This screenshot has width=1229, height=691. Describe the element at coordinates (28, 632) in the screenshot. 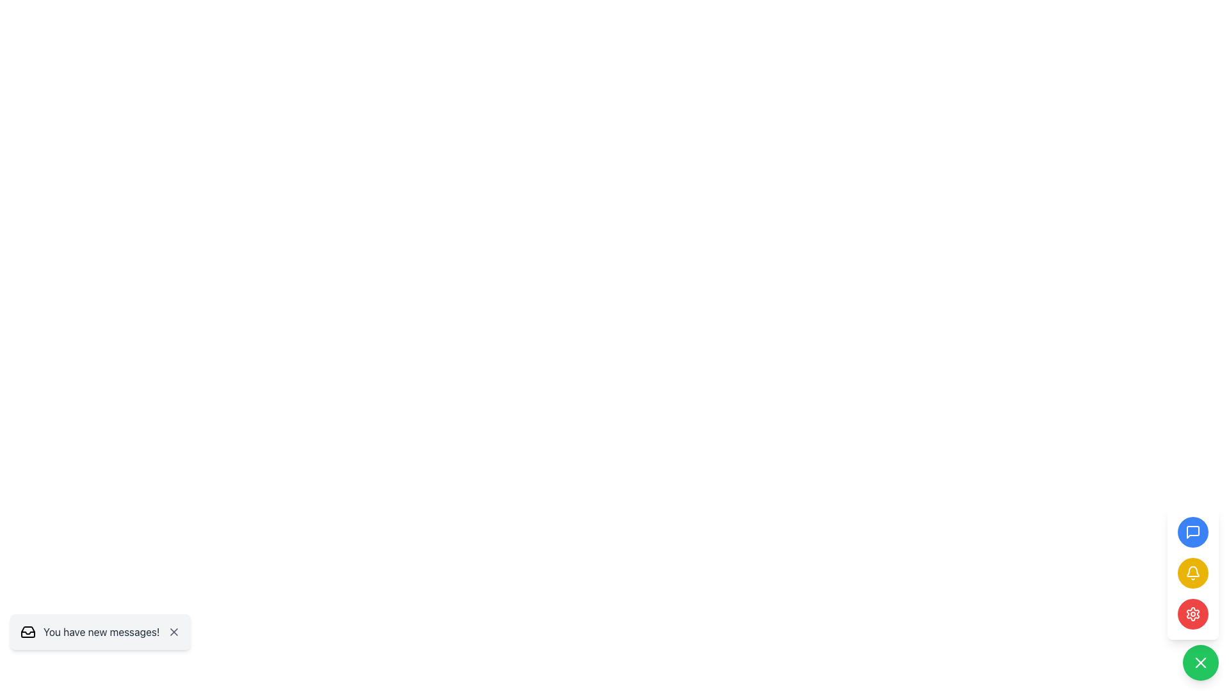

I see `the downward-facing chevron icon subcomponent at the bottom of the inbox icon, which is styled minimally without any fill` at that location.